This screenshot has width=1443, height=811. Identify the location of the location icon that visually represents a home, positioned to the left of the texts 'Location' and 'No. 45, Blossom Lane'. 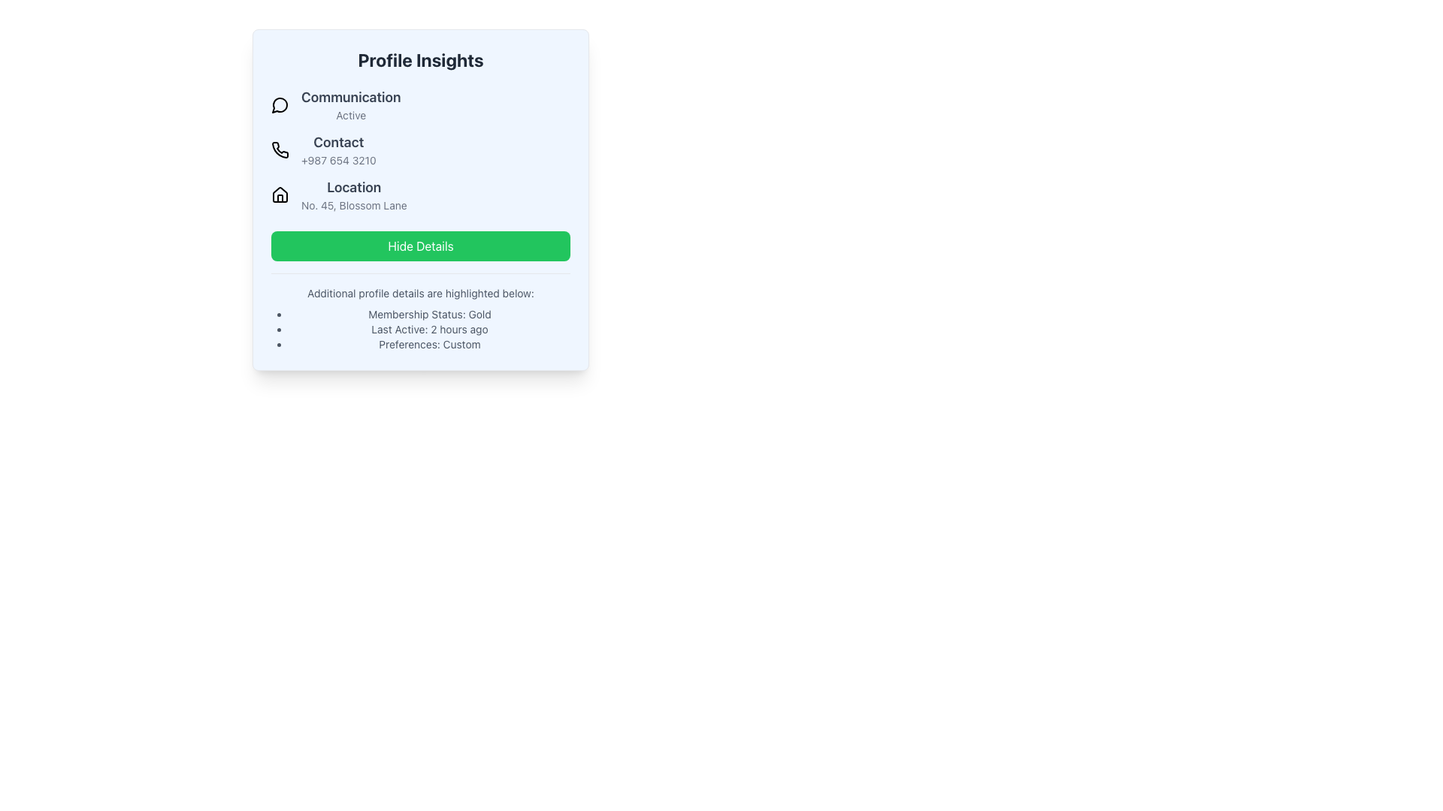
(280, 194).